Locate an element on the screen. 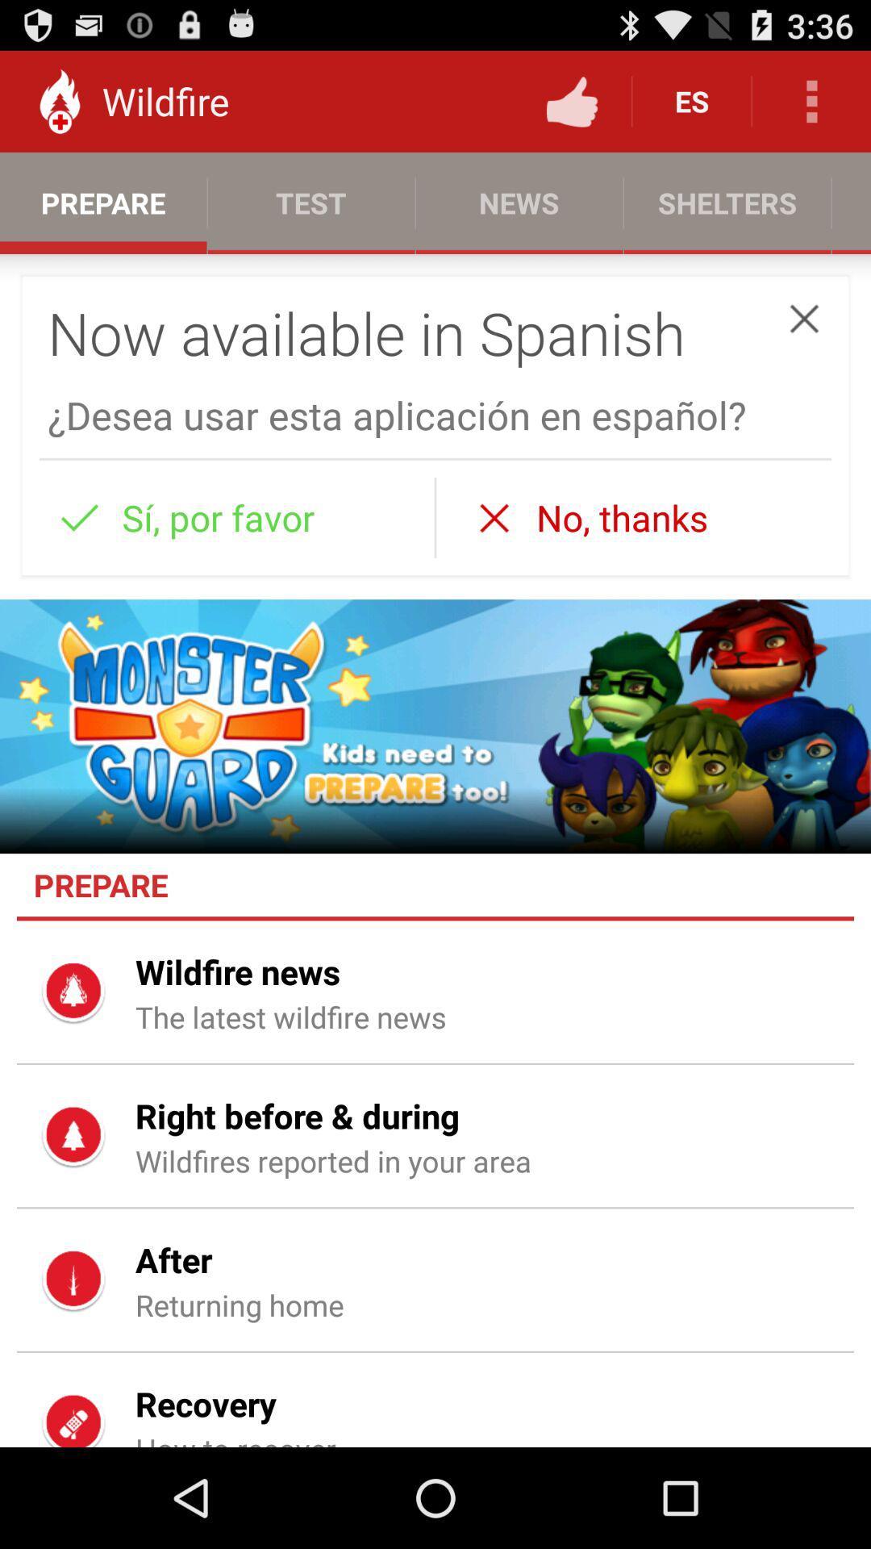  more options icon is located at coordinates (811, 100).